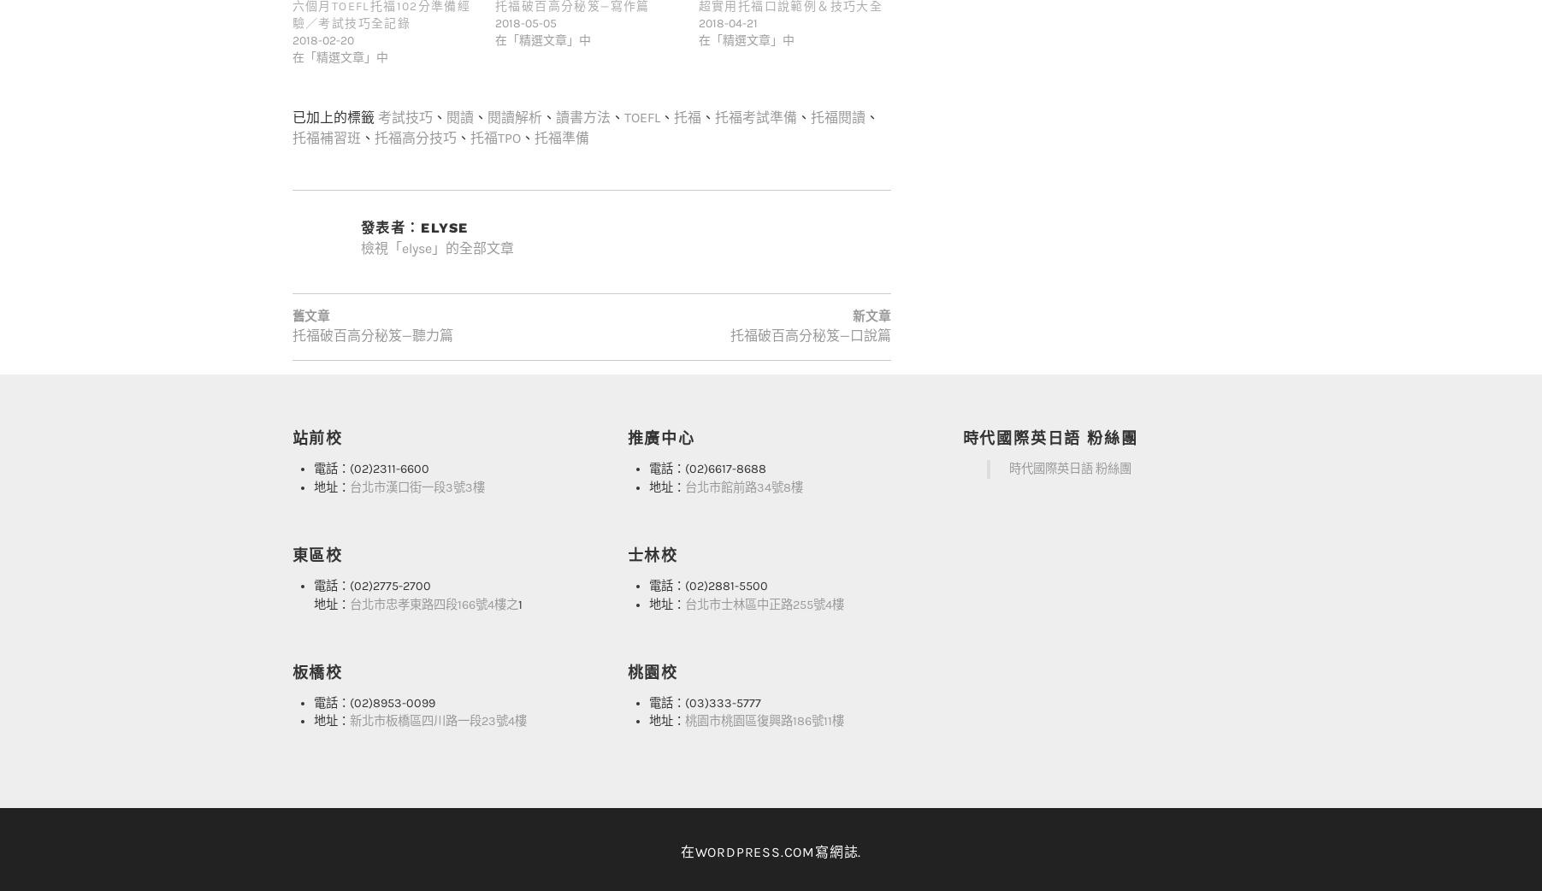 The width and height of the screenshot is (1542, 891). Describe the element at coordinates (706, 434) in the screenshot. I see `'電話：(02)6617-8688'` at that location.